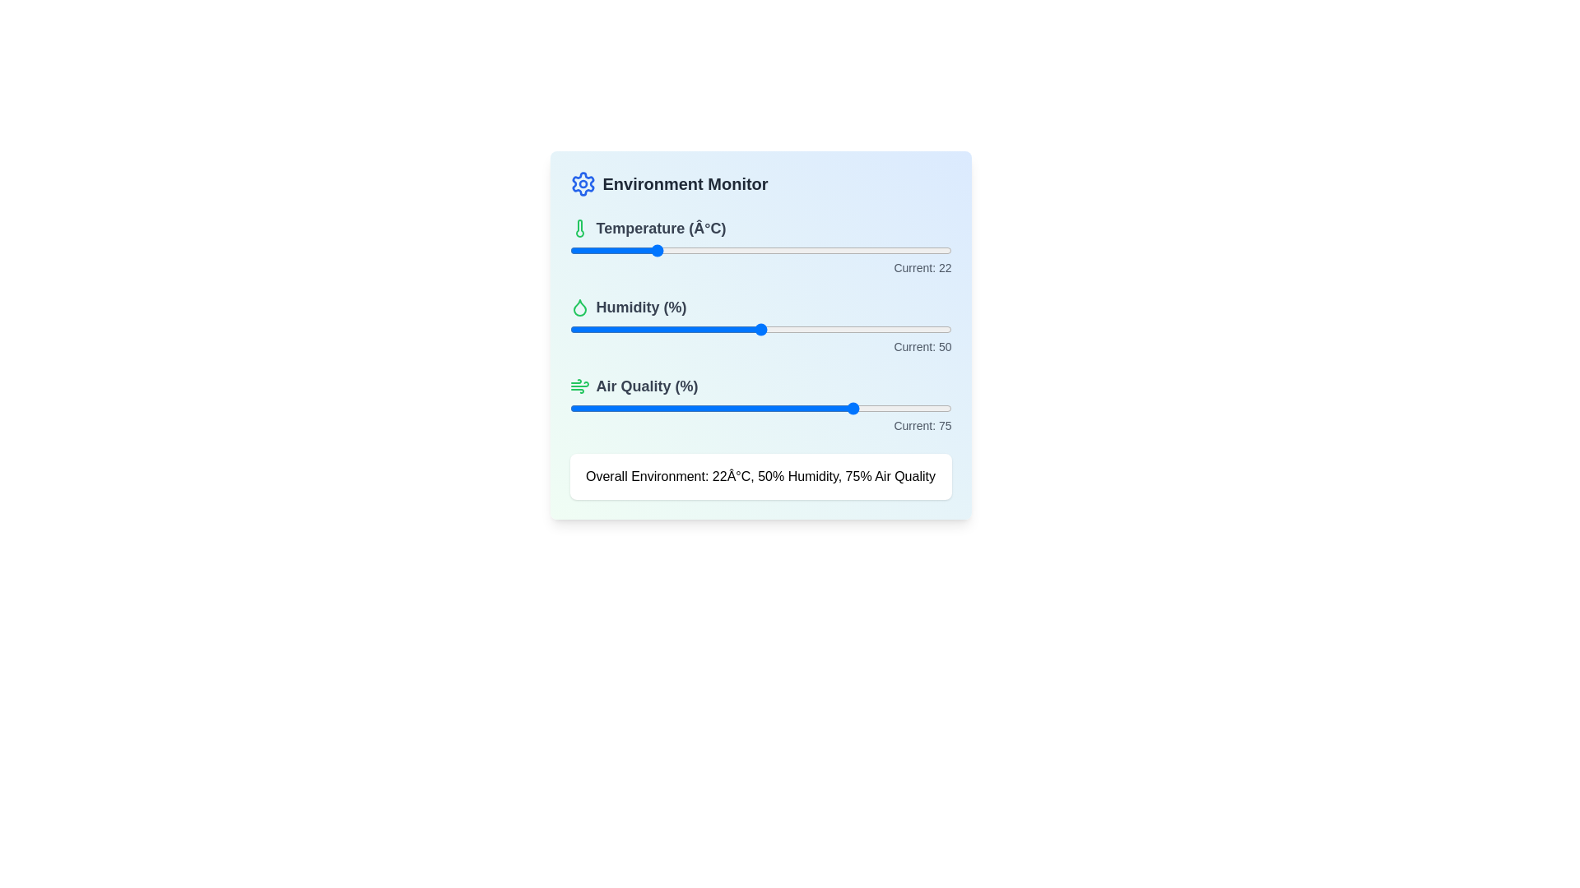  I want to click on the temperature slider to set the temperature to 77 degrees Celsius, so click(862, 250).